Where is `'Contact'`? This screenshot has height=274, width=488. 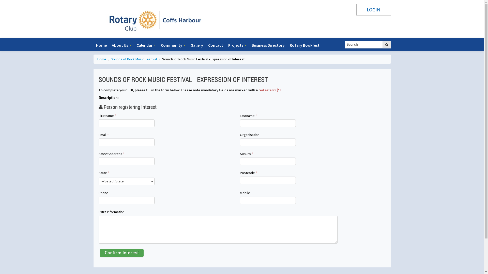
'Contact' is located at coordinates (215, 45).